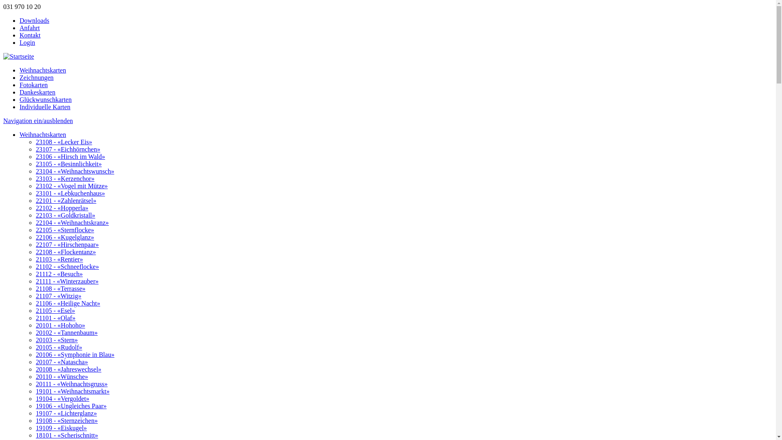 The width and height of the screenshot is (782, 440). Describe the element at coordinates (34, 20) in the screenshot. I see `'Downloads'` at that location.